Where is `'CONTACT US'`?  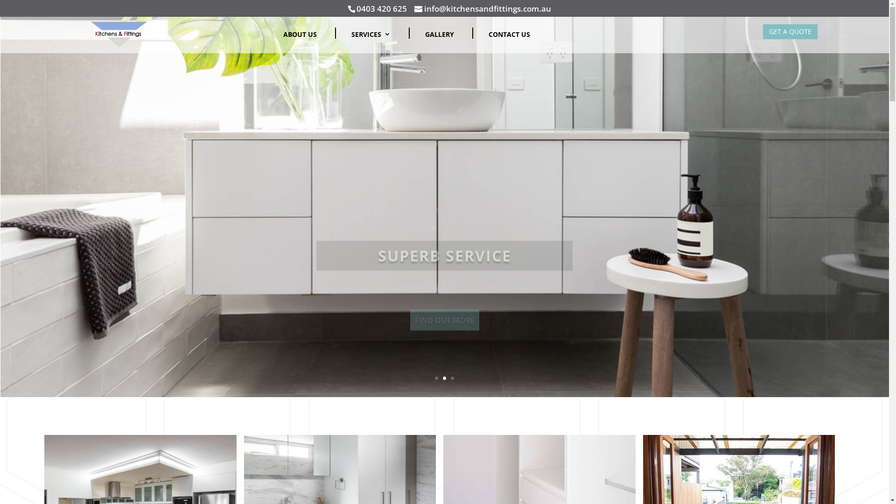 'CONTACT US' is located at coordinates (509, 41).